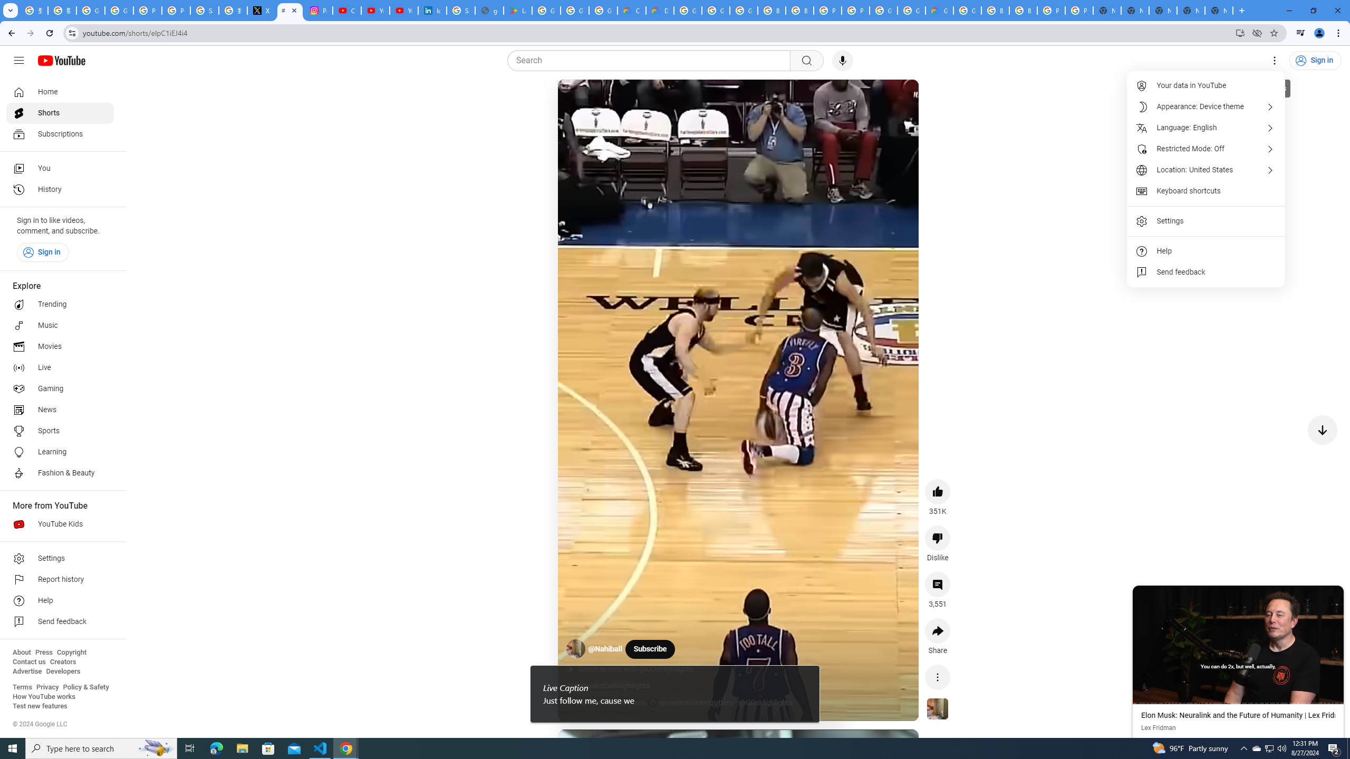 The image size is (1350, 759). I want to click on 'New Tab', so click(1219, 10).